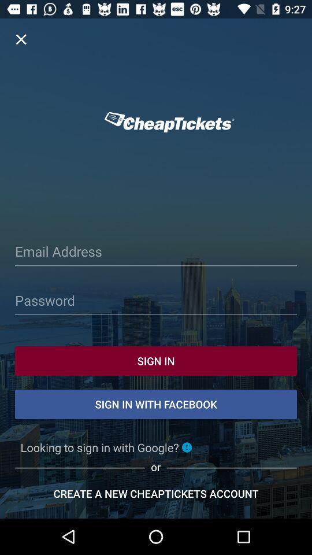  What do you see at coordinates (156, 302) in the screenshot?
I see `the text box which says password` at bounding box center [156, 302].